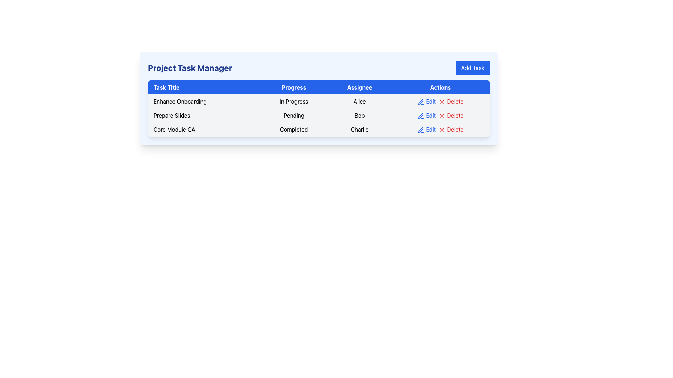  I want to click on the edit button located in the 'Actions' column of the last row in the table, so click(426, 129).